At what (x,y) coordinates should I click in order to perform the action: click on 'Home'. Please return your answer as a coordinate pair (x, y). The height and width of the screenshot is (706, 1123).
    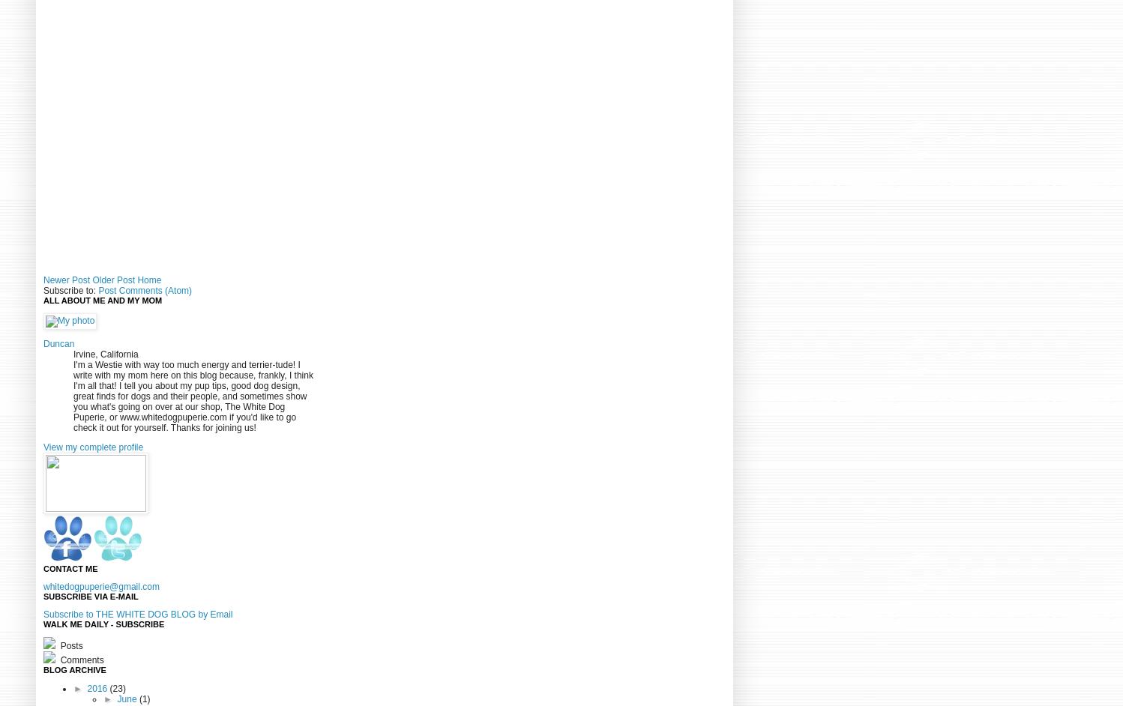
    Looking at the image, I should click on (148, 279).